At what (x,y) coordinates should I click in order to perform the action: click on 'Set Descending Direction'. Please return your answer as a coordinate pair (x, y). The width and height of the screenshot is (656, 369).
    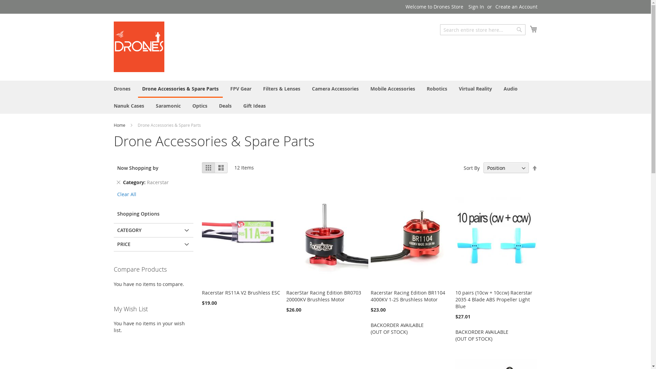
    Looking at the image, I should click on (534, 168).